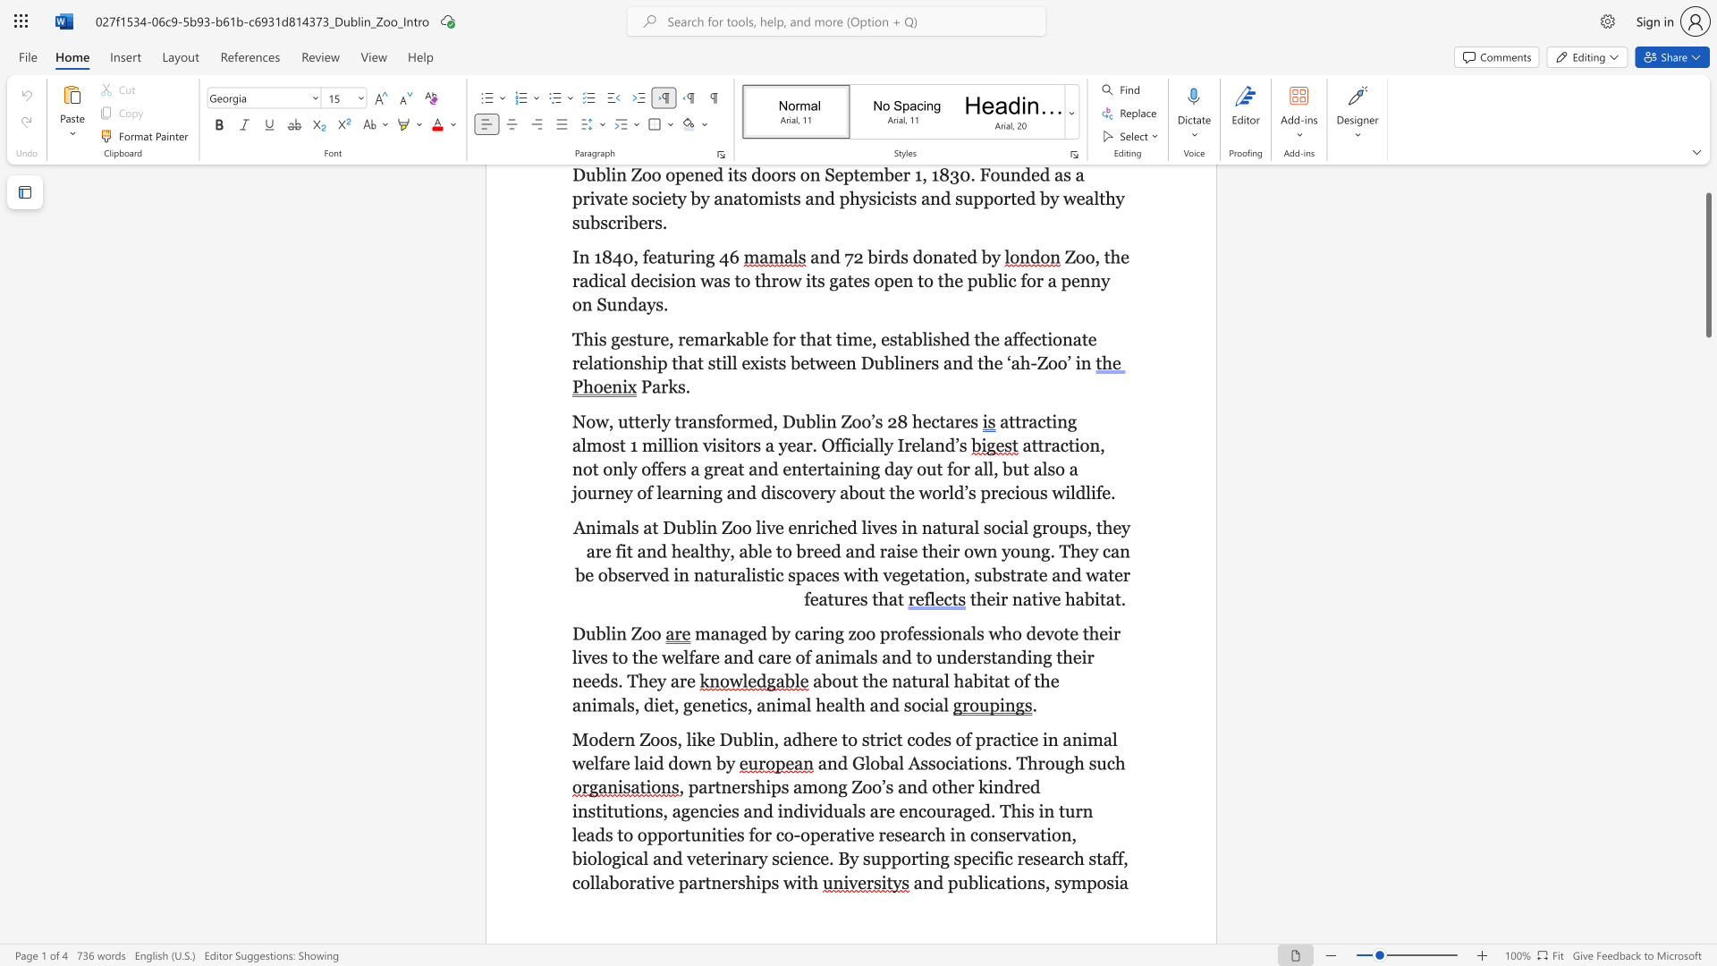 The image size is (1717, 966). Describe the element at coordinates (1061, 339) in the screenshot. I see `the subset text "nate relationship that still exists between Dubliners and the ‘ah-Zoo’ in" within the text "the affectionate relationship that still exists between Dubliners and the ‘ah-Zoo’ in"` at that location.